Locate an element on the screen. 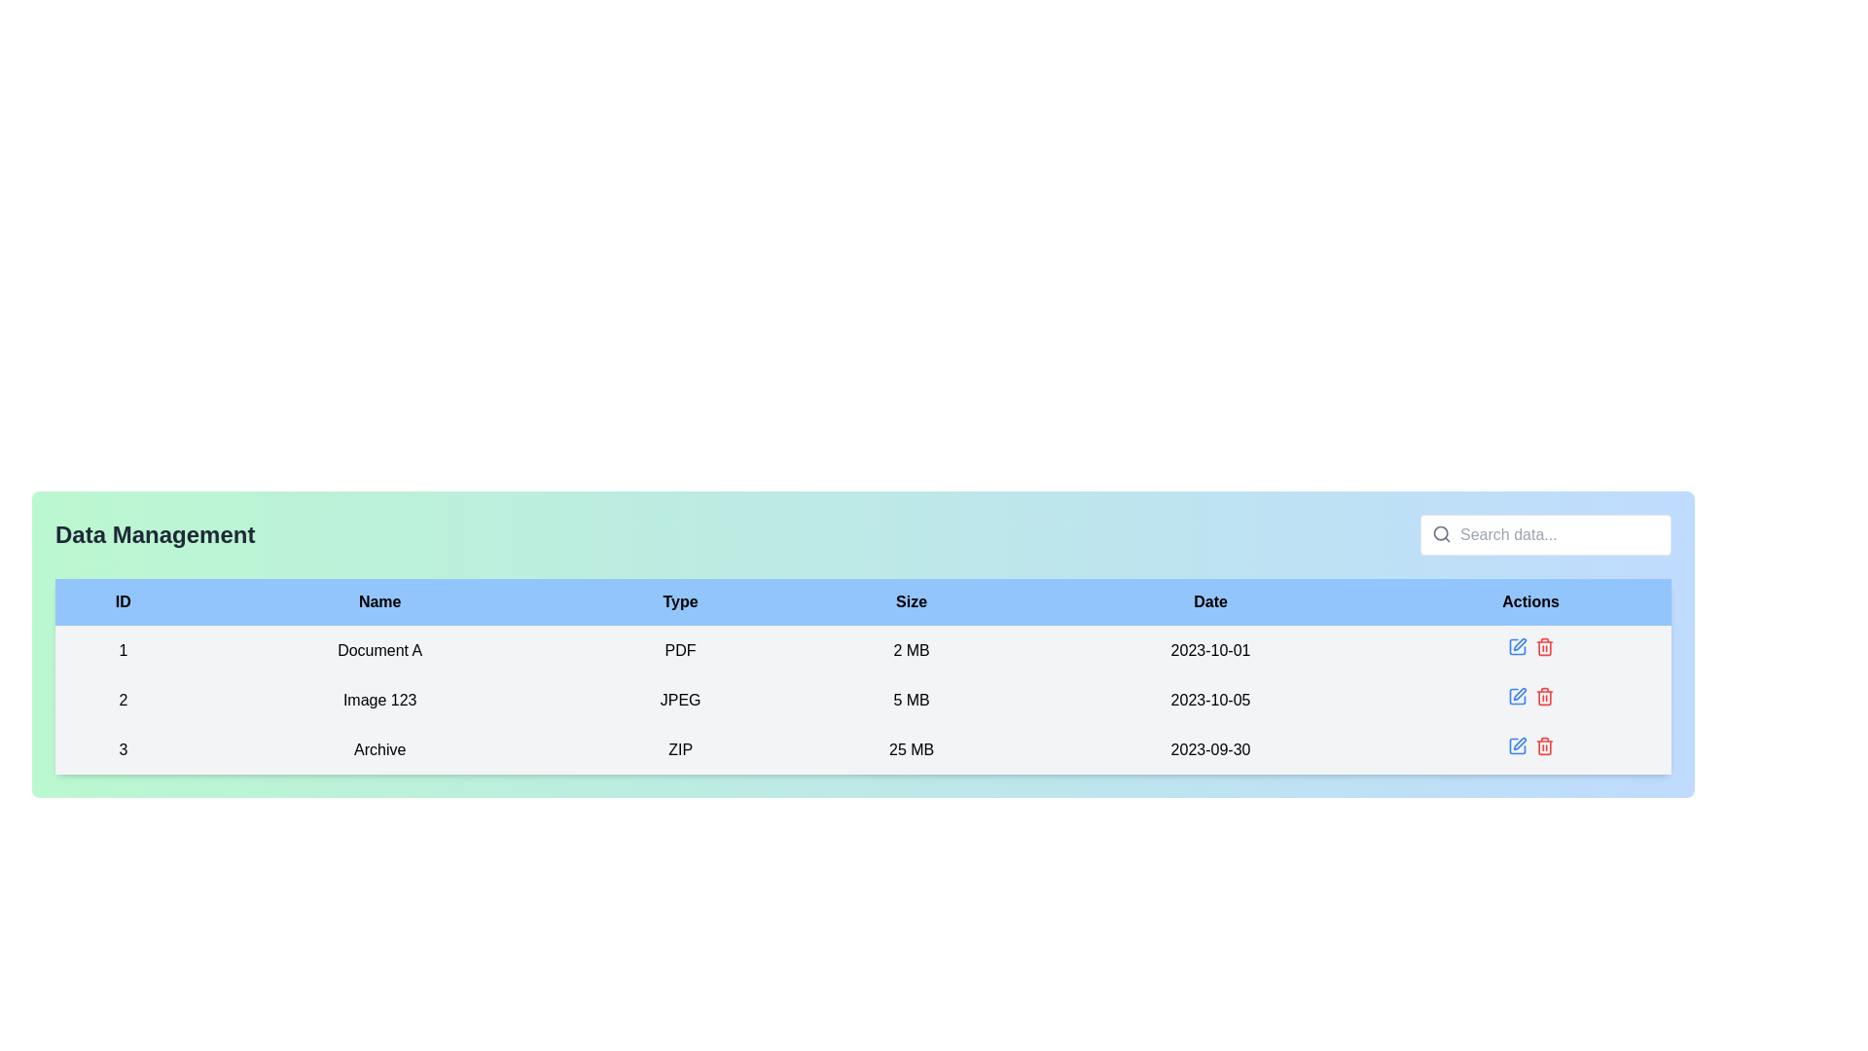 This screenshot has width=1868, height=1051. the second row of the data table containing the information '2', 'Image 123', 'JPEG', '5 MB', '2023-10-05' is located at coordinates (862, 699).